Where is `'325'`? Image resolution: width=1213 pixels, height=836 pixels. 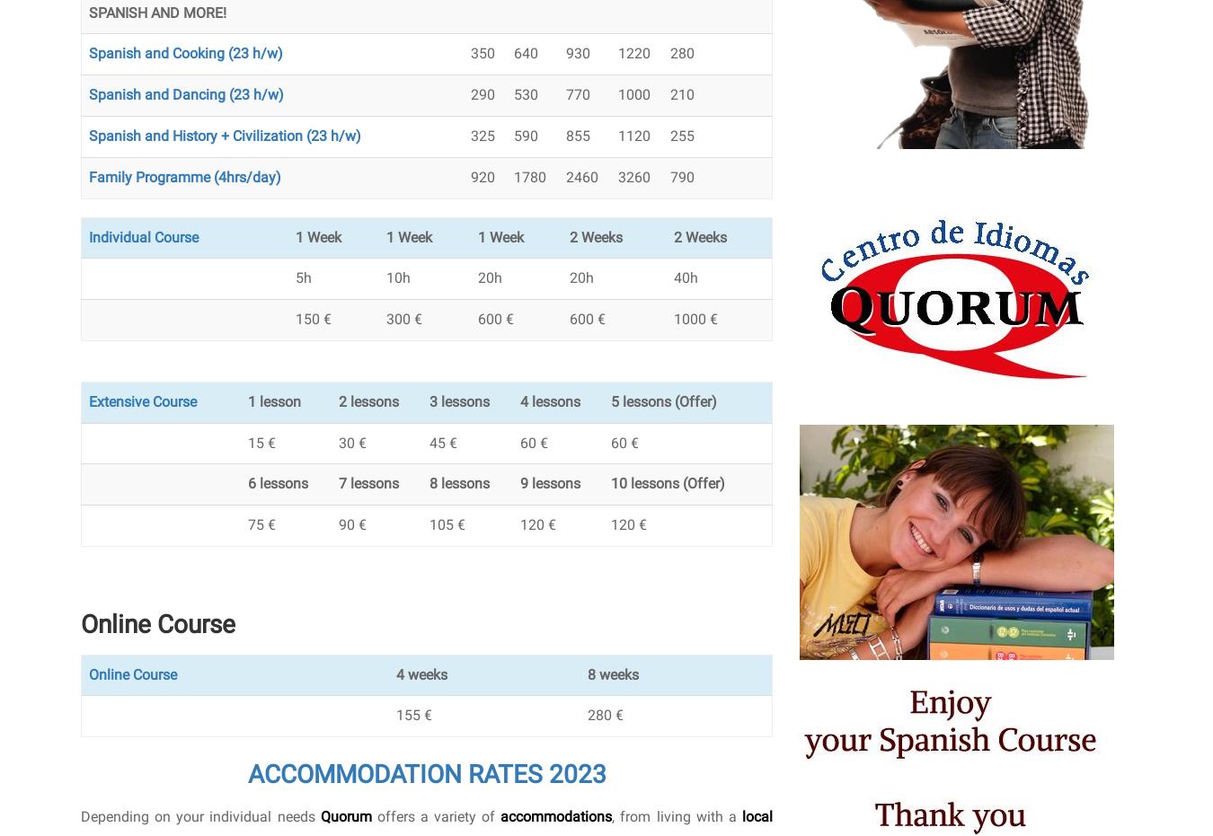 '325' is located at coordinates (468, 134).